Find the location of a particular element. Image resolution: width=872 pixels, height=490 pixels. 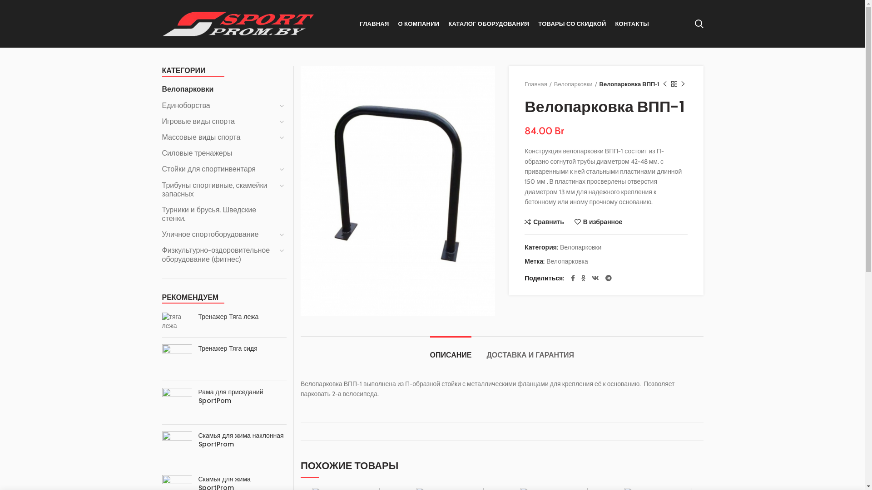

'Search' is located at coordinates (699, 23).